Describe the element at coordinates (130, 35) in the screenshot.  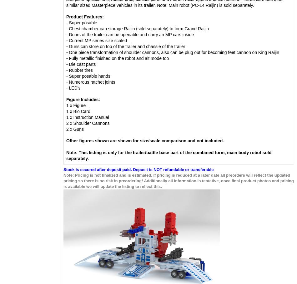
I see `'- Doors of the trailer can be openable and carry an MP cars inside'` at that location.